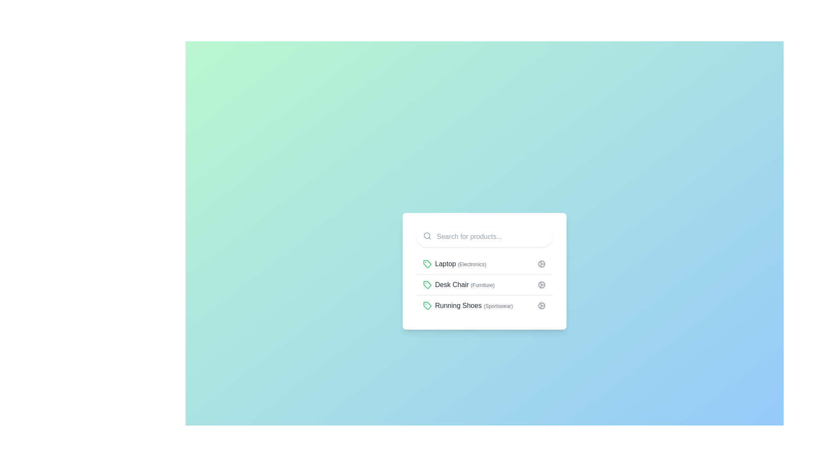  What do you see at coordinates (485, 285) in the screenshot?
I see `the list item displaying 'Desk Chair (Furniture)' with a green tag icon on the left and a gray cogwheel icon on the right, positioned as the second item in a vertical menu` at bounding box center [485, 285].